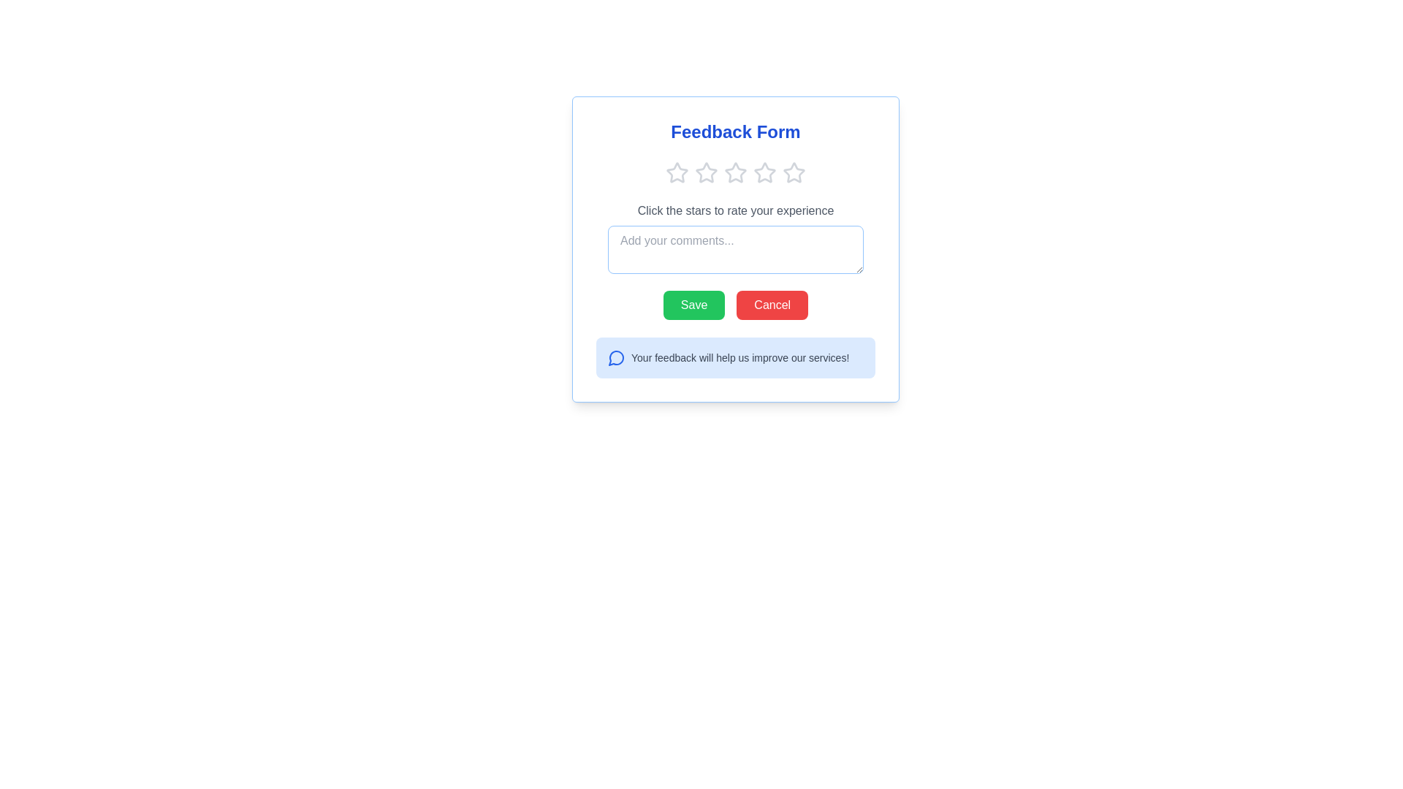 This screenshot has width=1403, height=789. Describe the element at coordinates (706, 172) in the screenshot. I see `the second star icon in the feedback form` at that location.